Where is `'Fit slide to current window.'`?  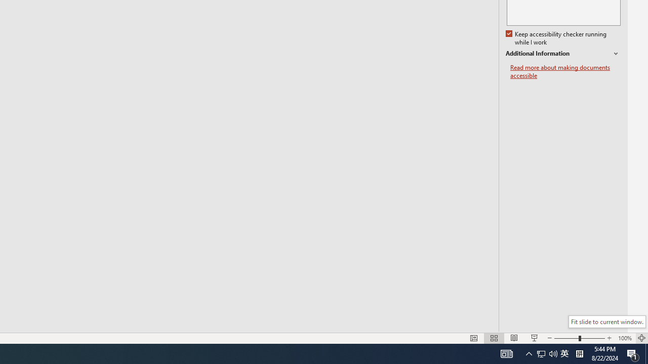
'Fit slide to current window.' is located at coordinates (607, 322).